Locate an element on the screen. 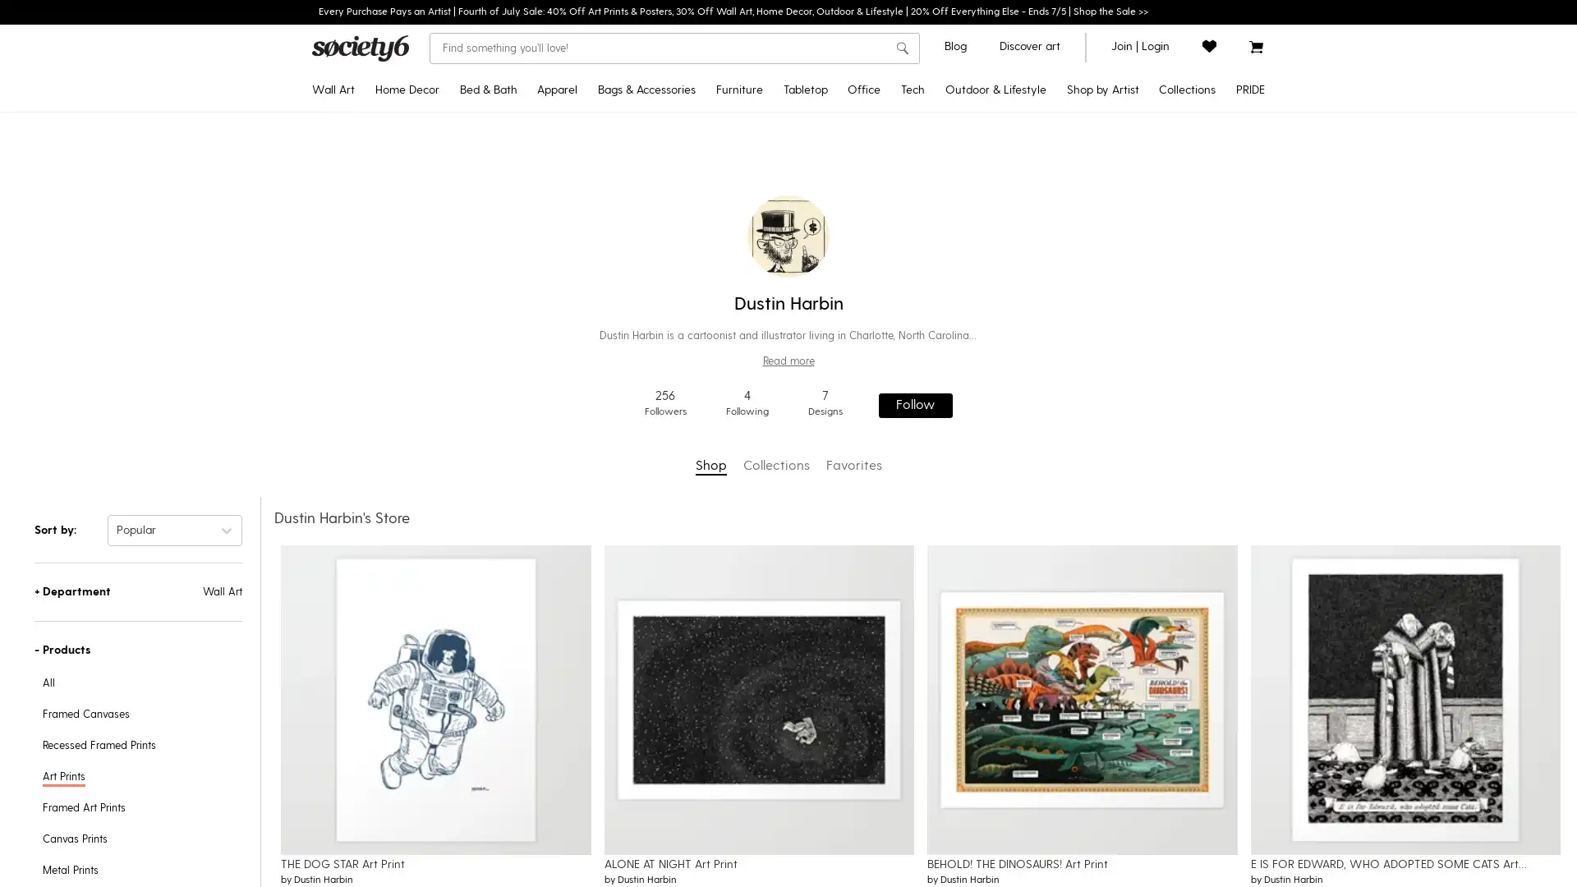  Inspired by Matisse is located at coordinates (1126, 317).